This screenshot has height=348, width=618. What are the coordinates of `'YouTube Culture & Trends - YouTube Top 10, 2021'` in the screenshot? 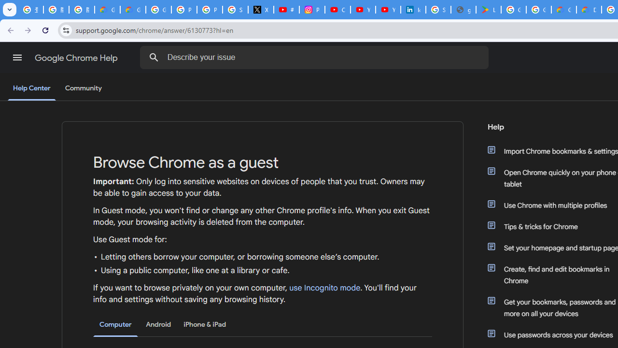 It's located at (388, 10).